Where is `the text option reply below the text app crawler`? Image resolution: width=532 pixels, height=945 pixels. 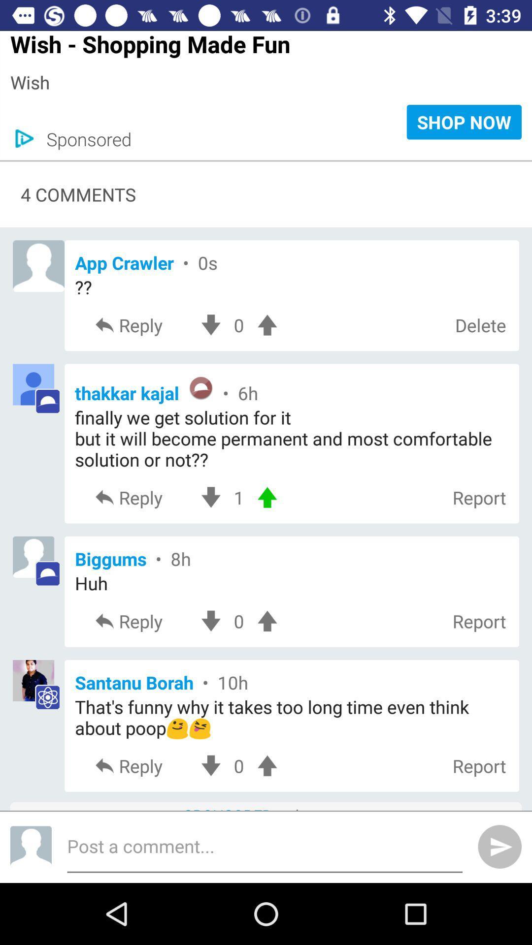
the text option reply below the text app crawler is located at coordinates (142, 325).